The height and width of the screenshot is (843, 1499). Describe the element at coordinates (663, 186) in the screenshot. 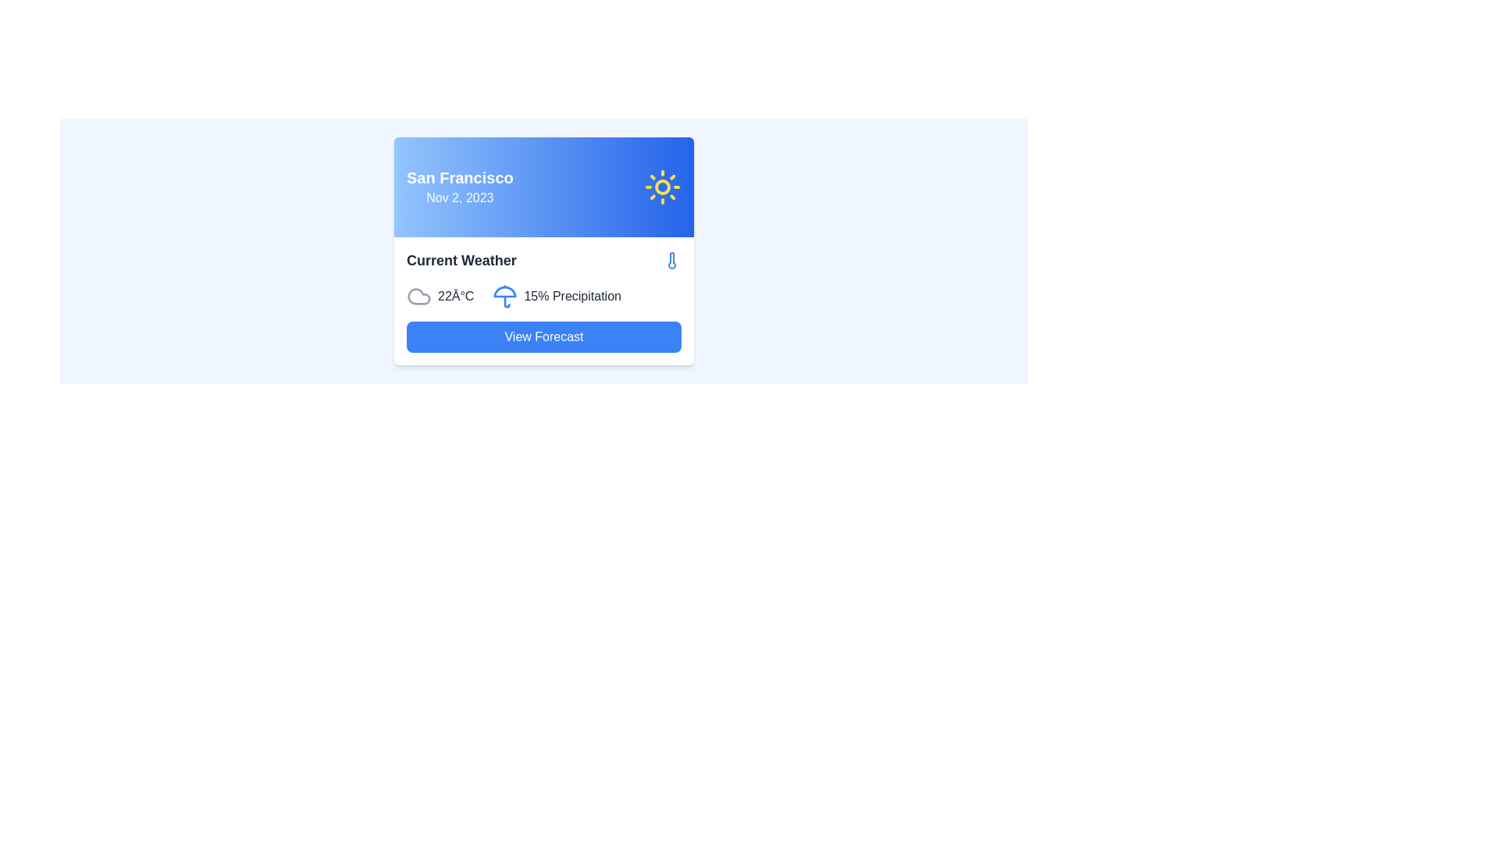

I see `the sunny weather icon located in the top-right corner of the 'San Francisco' card, which is part of the blue gradient header section` at that location.